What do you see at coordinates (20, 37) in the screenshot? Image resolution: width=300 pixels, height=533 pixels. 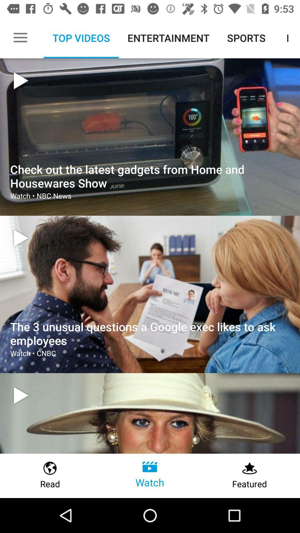 I see `the icon to the left of the top videos icon` at bounding box center [20, 37].